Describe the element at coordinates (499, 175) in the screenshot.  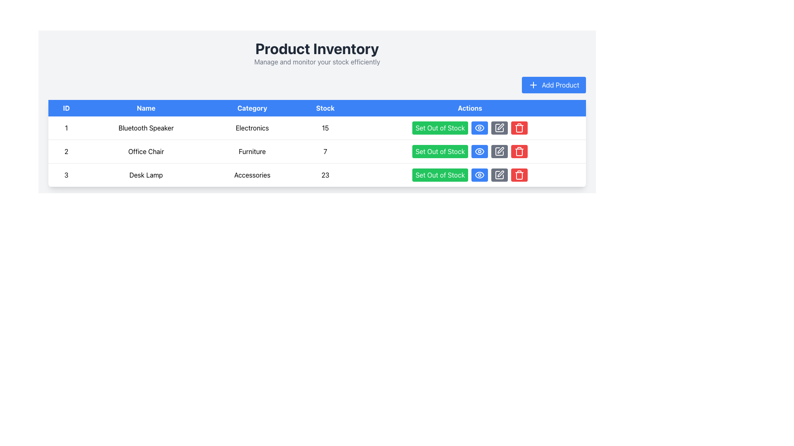
I see `the gray button with a white pen icon located in the 'Actions' column, third row of the table` at that location.